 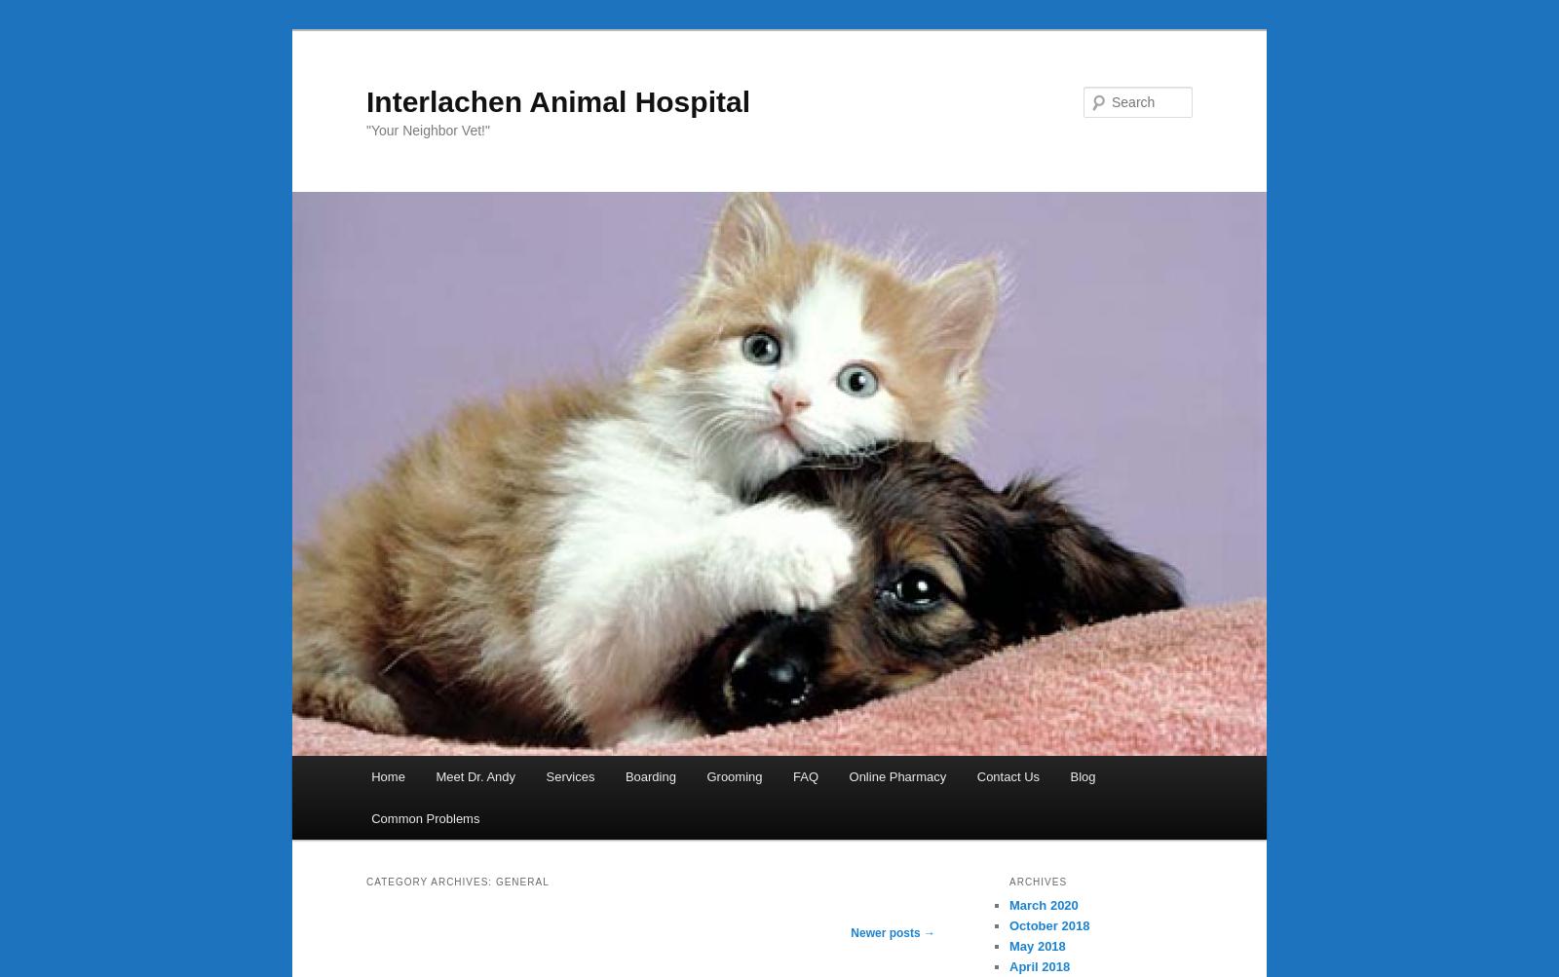 What do you see at coordinates (1048, 923) in the screenshot?
I see `'October 2018'` at bounding box center [1048, 923].